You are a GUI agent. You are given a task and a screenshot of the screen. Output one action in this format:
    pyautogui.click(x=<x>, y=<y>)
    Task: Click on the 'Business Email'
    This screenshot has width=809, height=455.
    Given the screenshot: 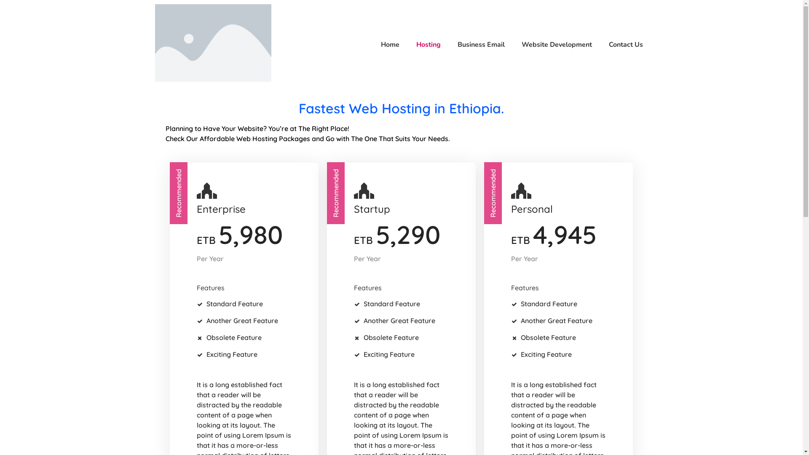 What is the action you would take?
    pyautogui.click(x=448, y=44)
    